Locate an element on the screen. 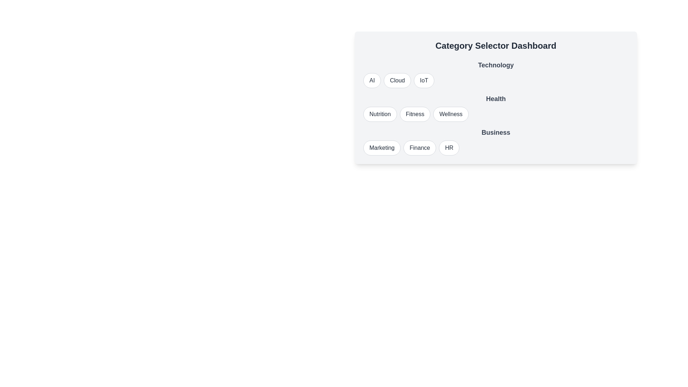 The height and width of the screenshot is (387, 688). the button labeled IoT to observe its visual change is located at coordinates (424, 80).